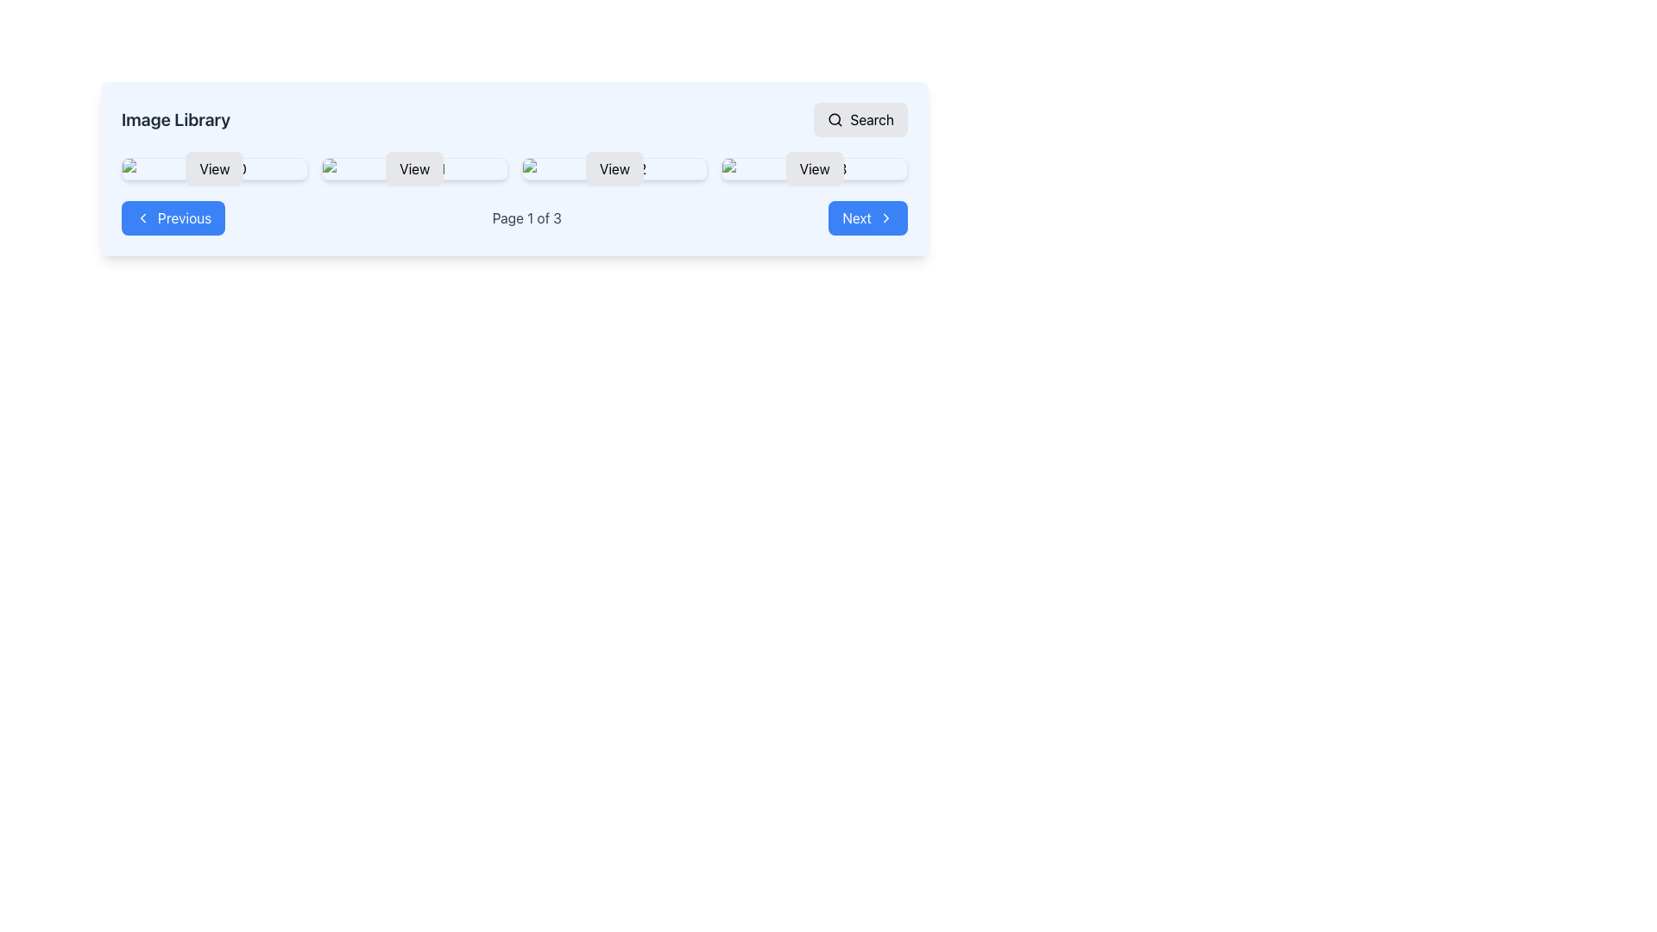  What do you see at coordinates (857, 217) in the screenshot?
I see `the static text indicating the action of moving to the next page, which is part of a navigational interface within a blue rectangular button at the bottom-right corner` at bounding box center [857, 217].